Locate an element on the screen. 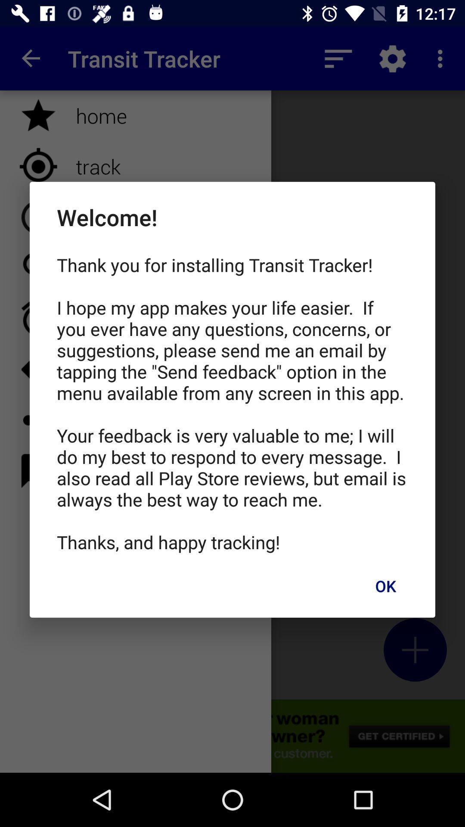 This screenshot has width=465, height=827. the item below thank you for is located at coordinates (385, 586).